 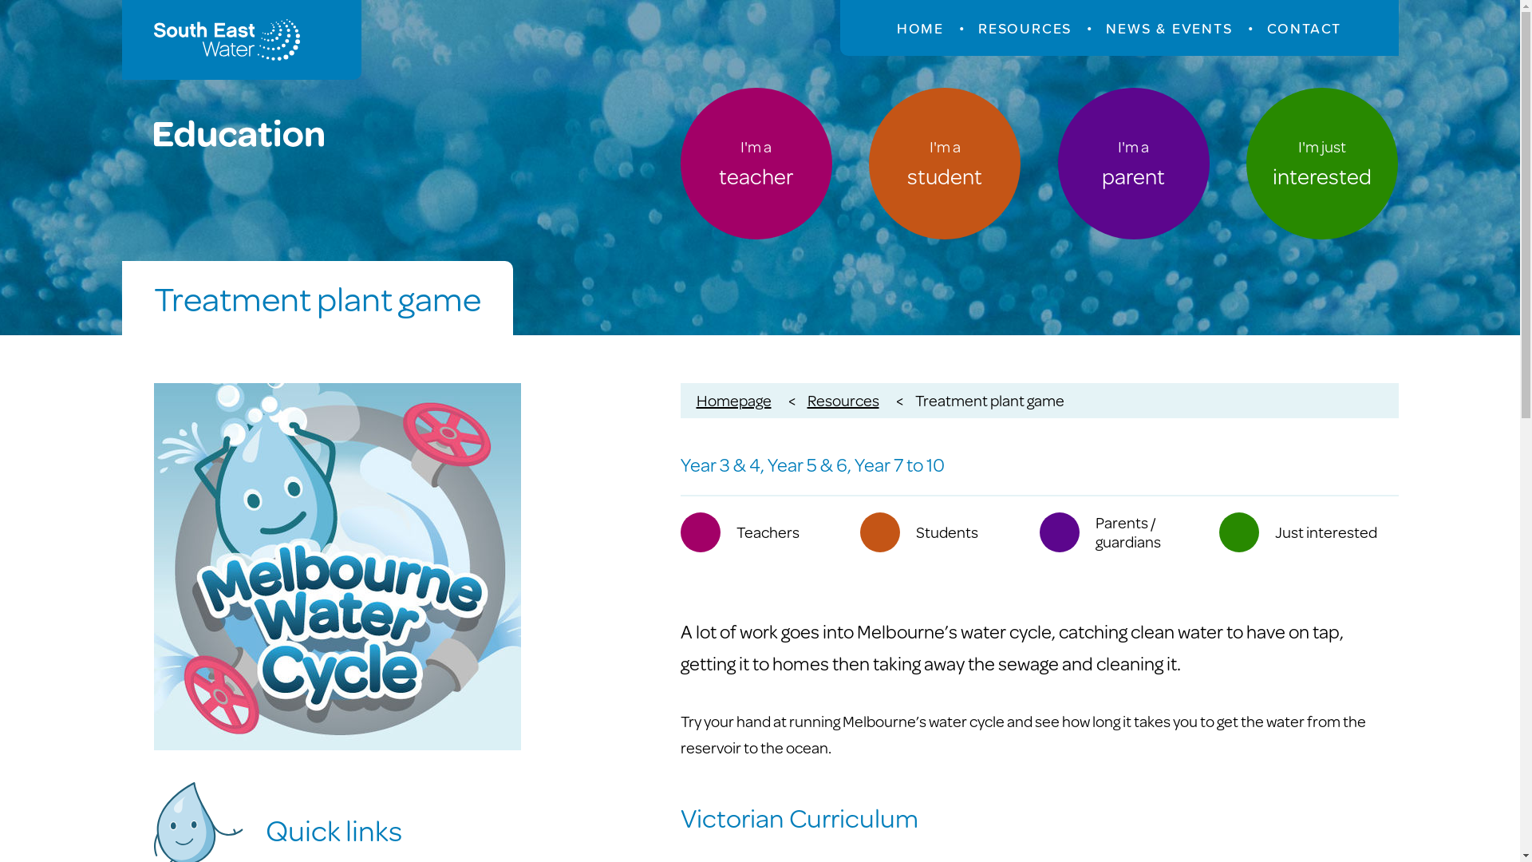 I want to click on 'CONTACT', so click(x=1305, y=29).